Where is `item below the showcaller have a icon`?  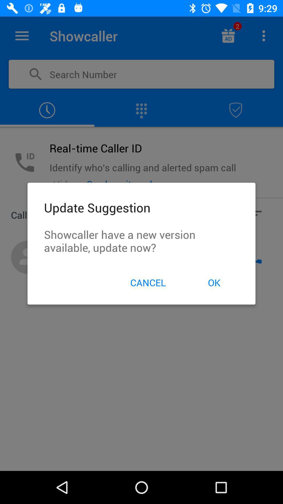
item below the showcaller have a icon is located at coordinates (148, 282).